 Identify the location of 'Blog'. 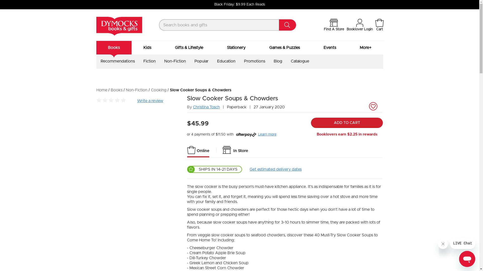
(273, 61).